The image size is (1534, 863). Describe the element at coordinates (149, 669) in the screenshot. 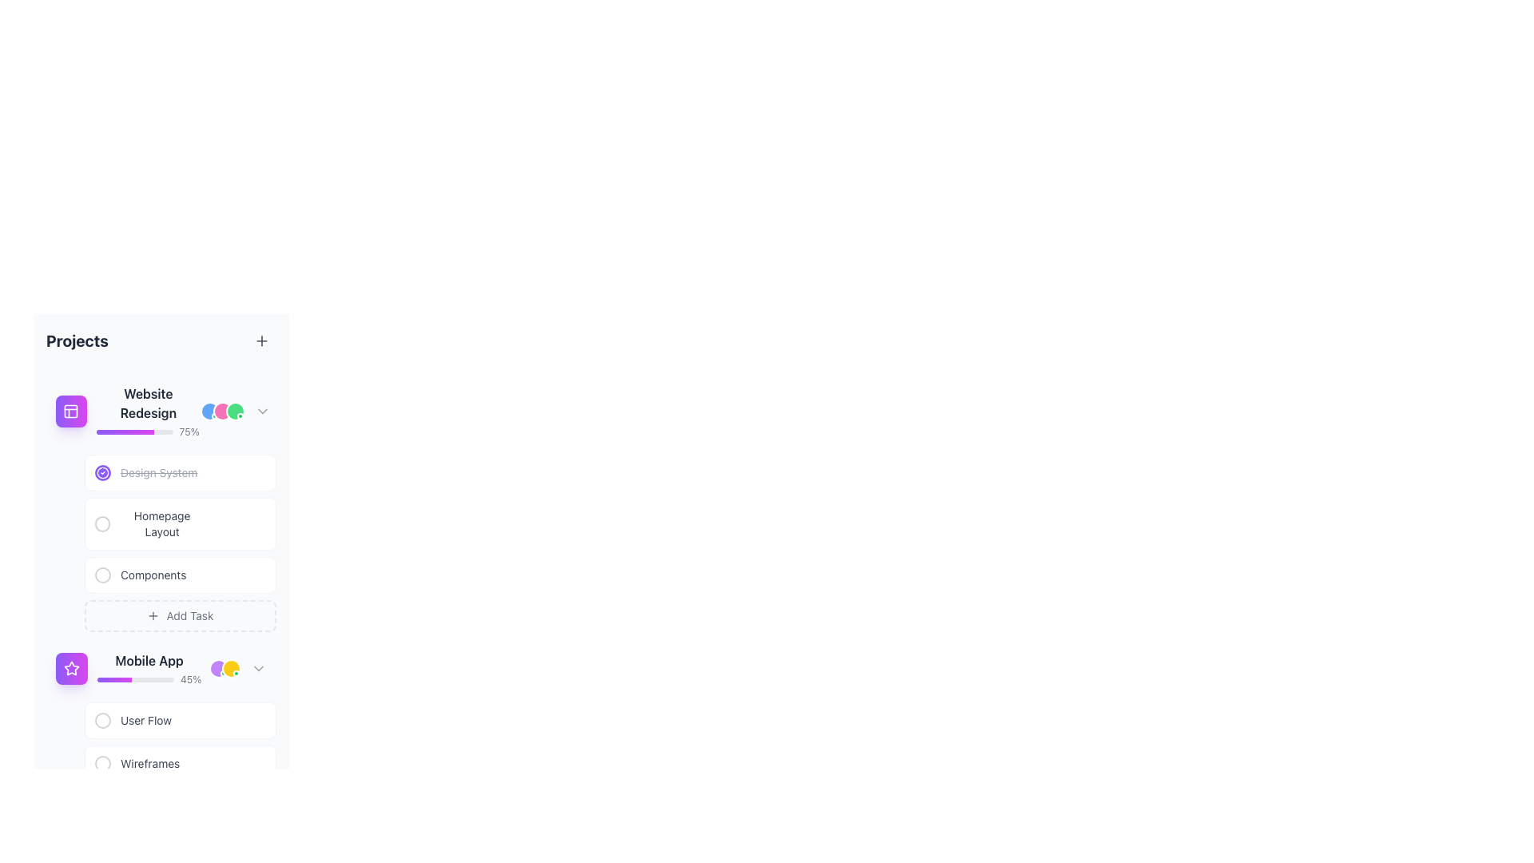

I see `the 'Mobile App' progress indicator located in the 'Projects' section` at that location.